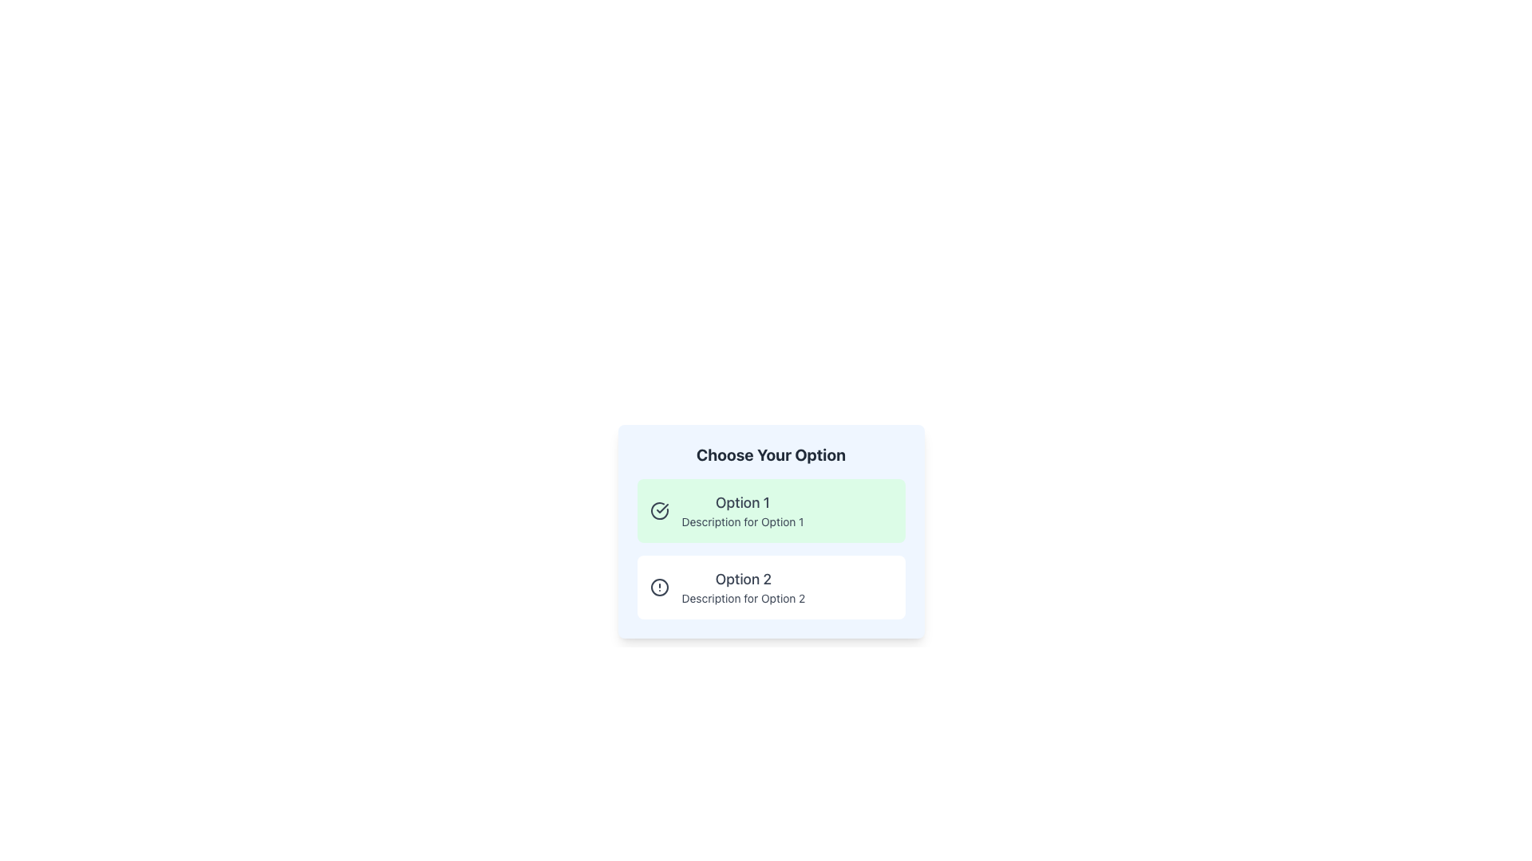 This screenshot has height=861, width=1532. What do you see at coordinates (659, 587) in the screenshot?
I see `the alert icon positioned to the left of the text label 'Option 2'` at bounding box center [659, 587].